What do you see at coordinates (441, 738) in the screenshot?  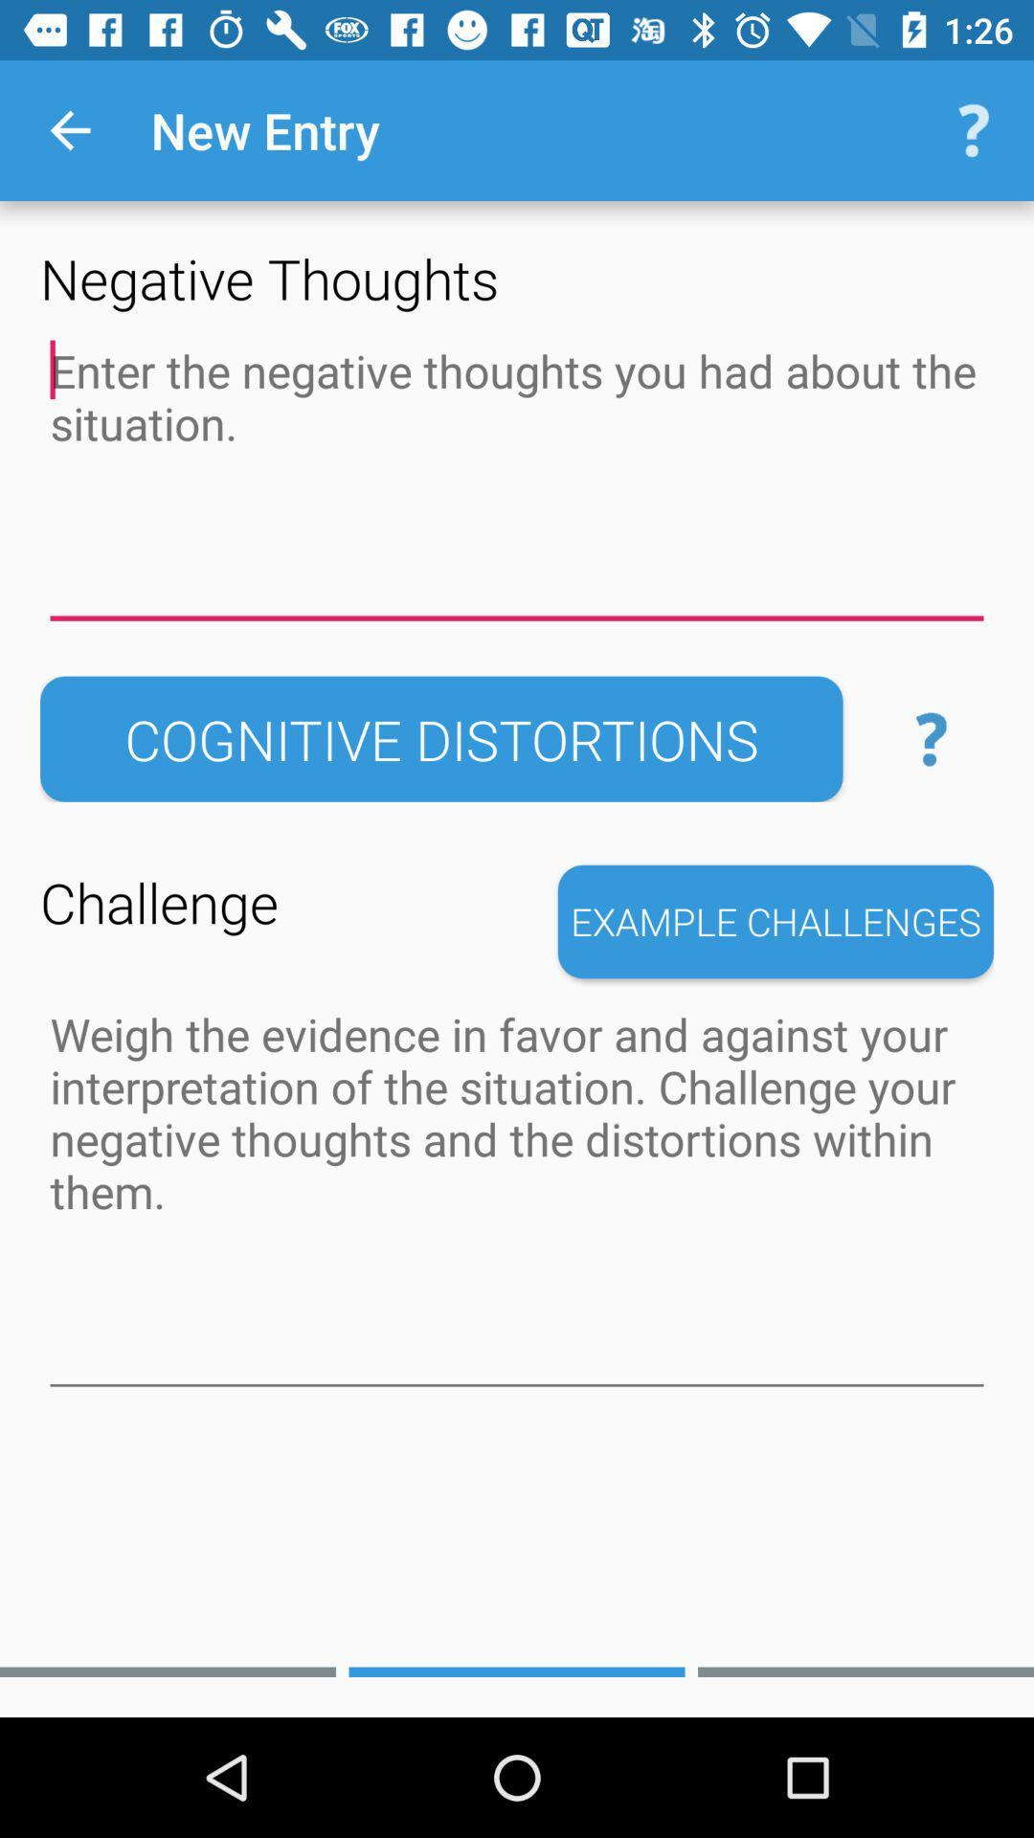 I see `the item above the challenge` at bounding box center [441, 738].